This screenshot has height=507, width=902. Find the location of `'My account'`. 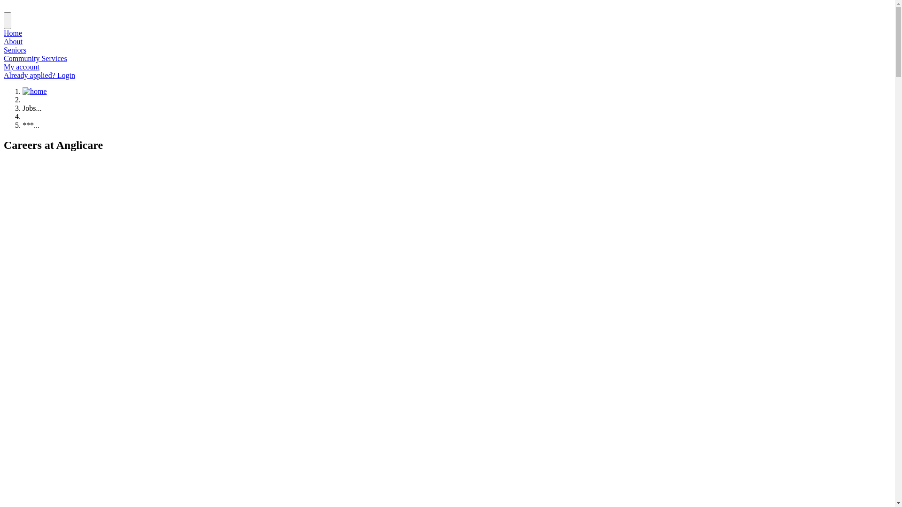

'My account' is located at coordinates (4, 66).